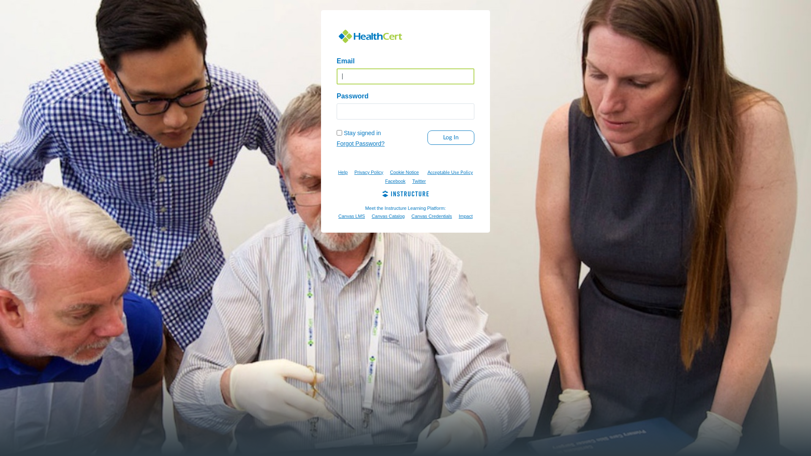 Image resolution: width=811 pixels, height=456 pixels. I want to click on 'Acceptable Use Policy', so click(449, 172).